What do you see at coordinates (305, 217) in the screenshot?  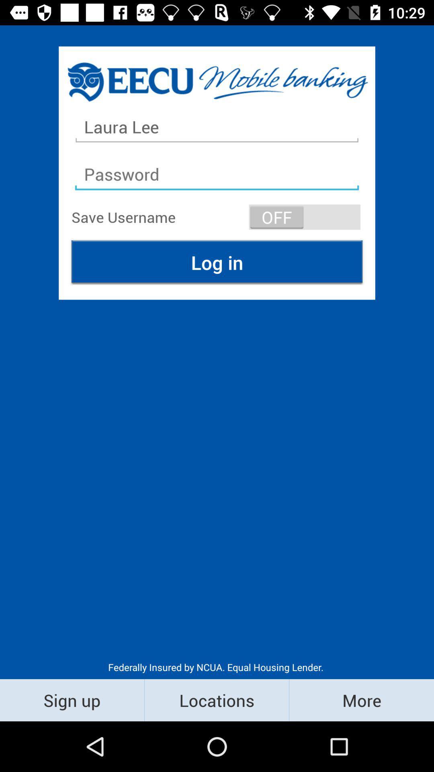 I see `the icon next to the save username icon` at bounding box center [305, 217].